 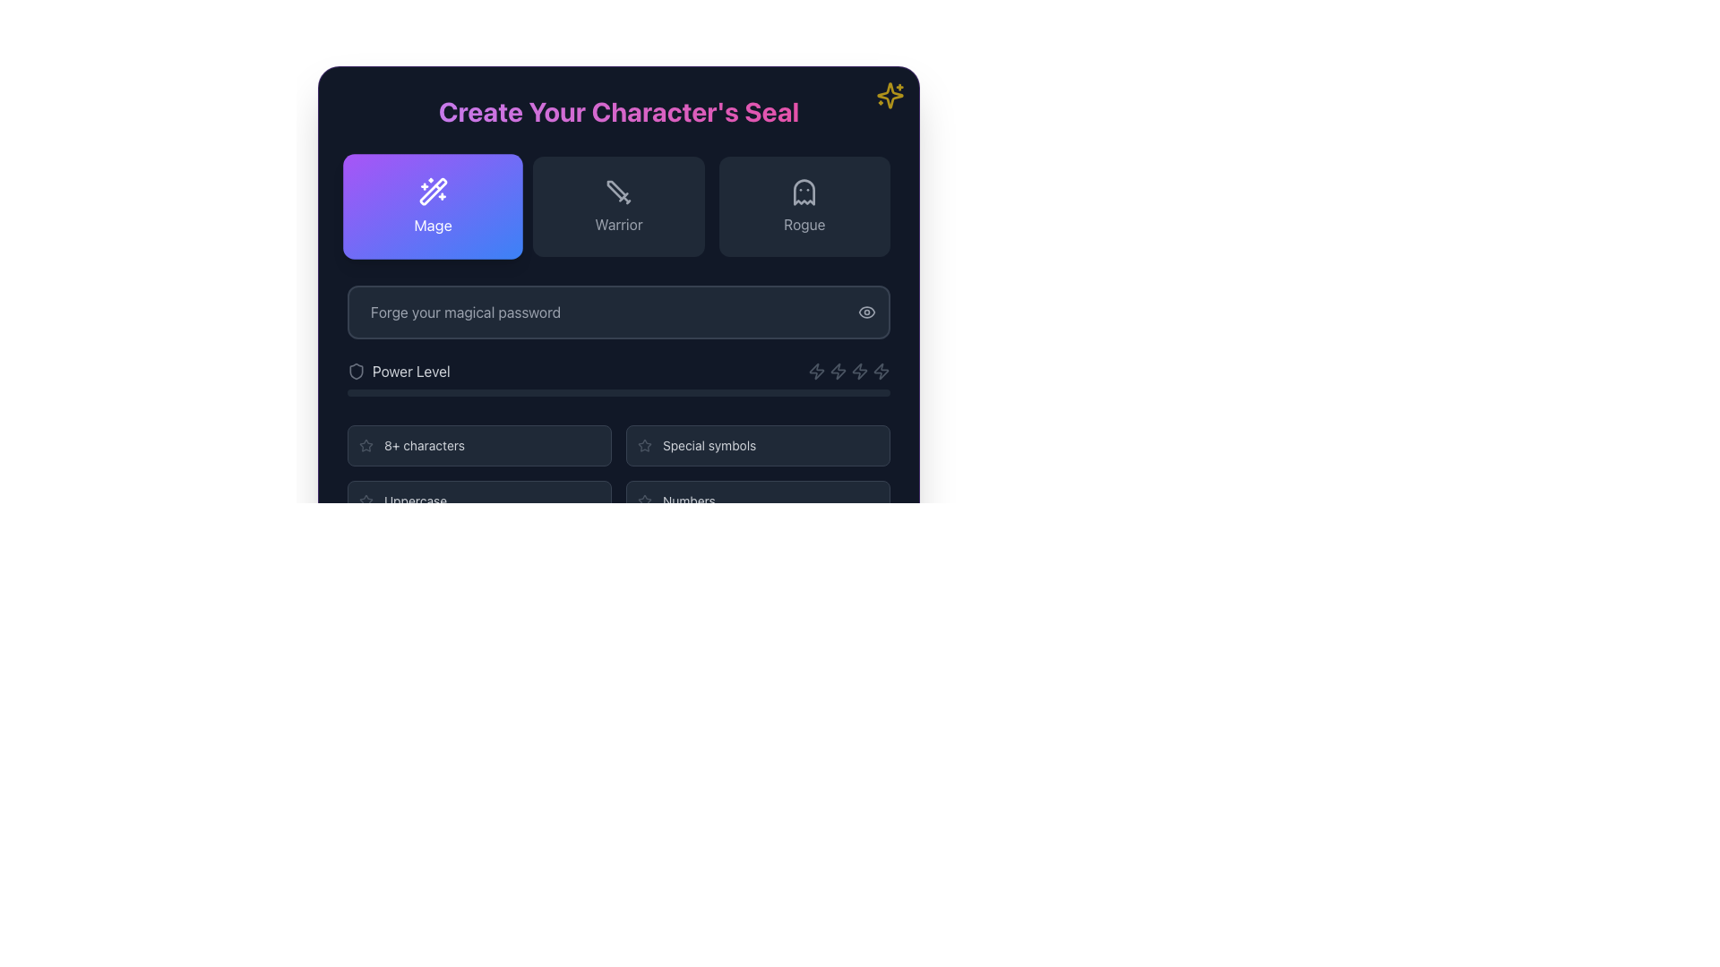 I want to click on the graphical decoration or glyph within the sword-shaped icon representing the 'Warrior' button for interaction effects, so click(x=616, y=190).